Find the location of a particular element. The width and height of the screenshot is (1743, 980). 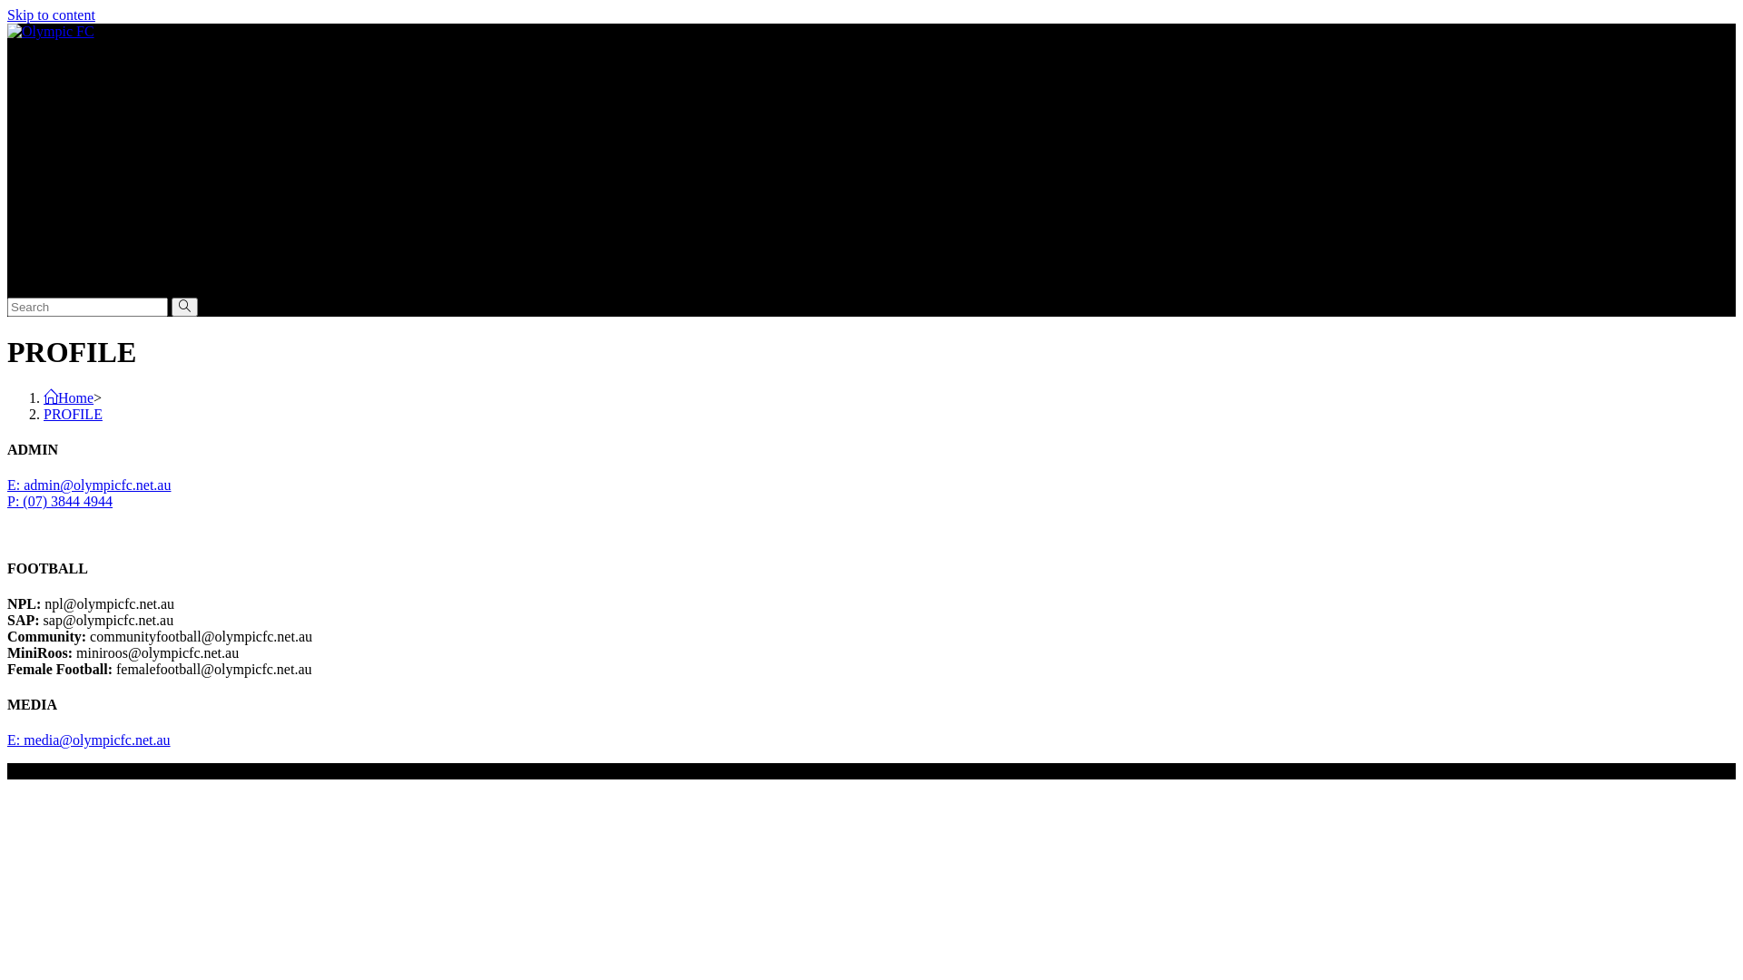

'P: (07) 3844 4944' is located at coordinates (60, 501).